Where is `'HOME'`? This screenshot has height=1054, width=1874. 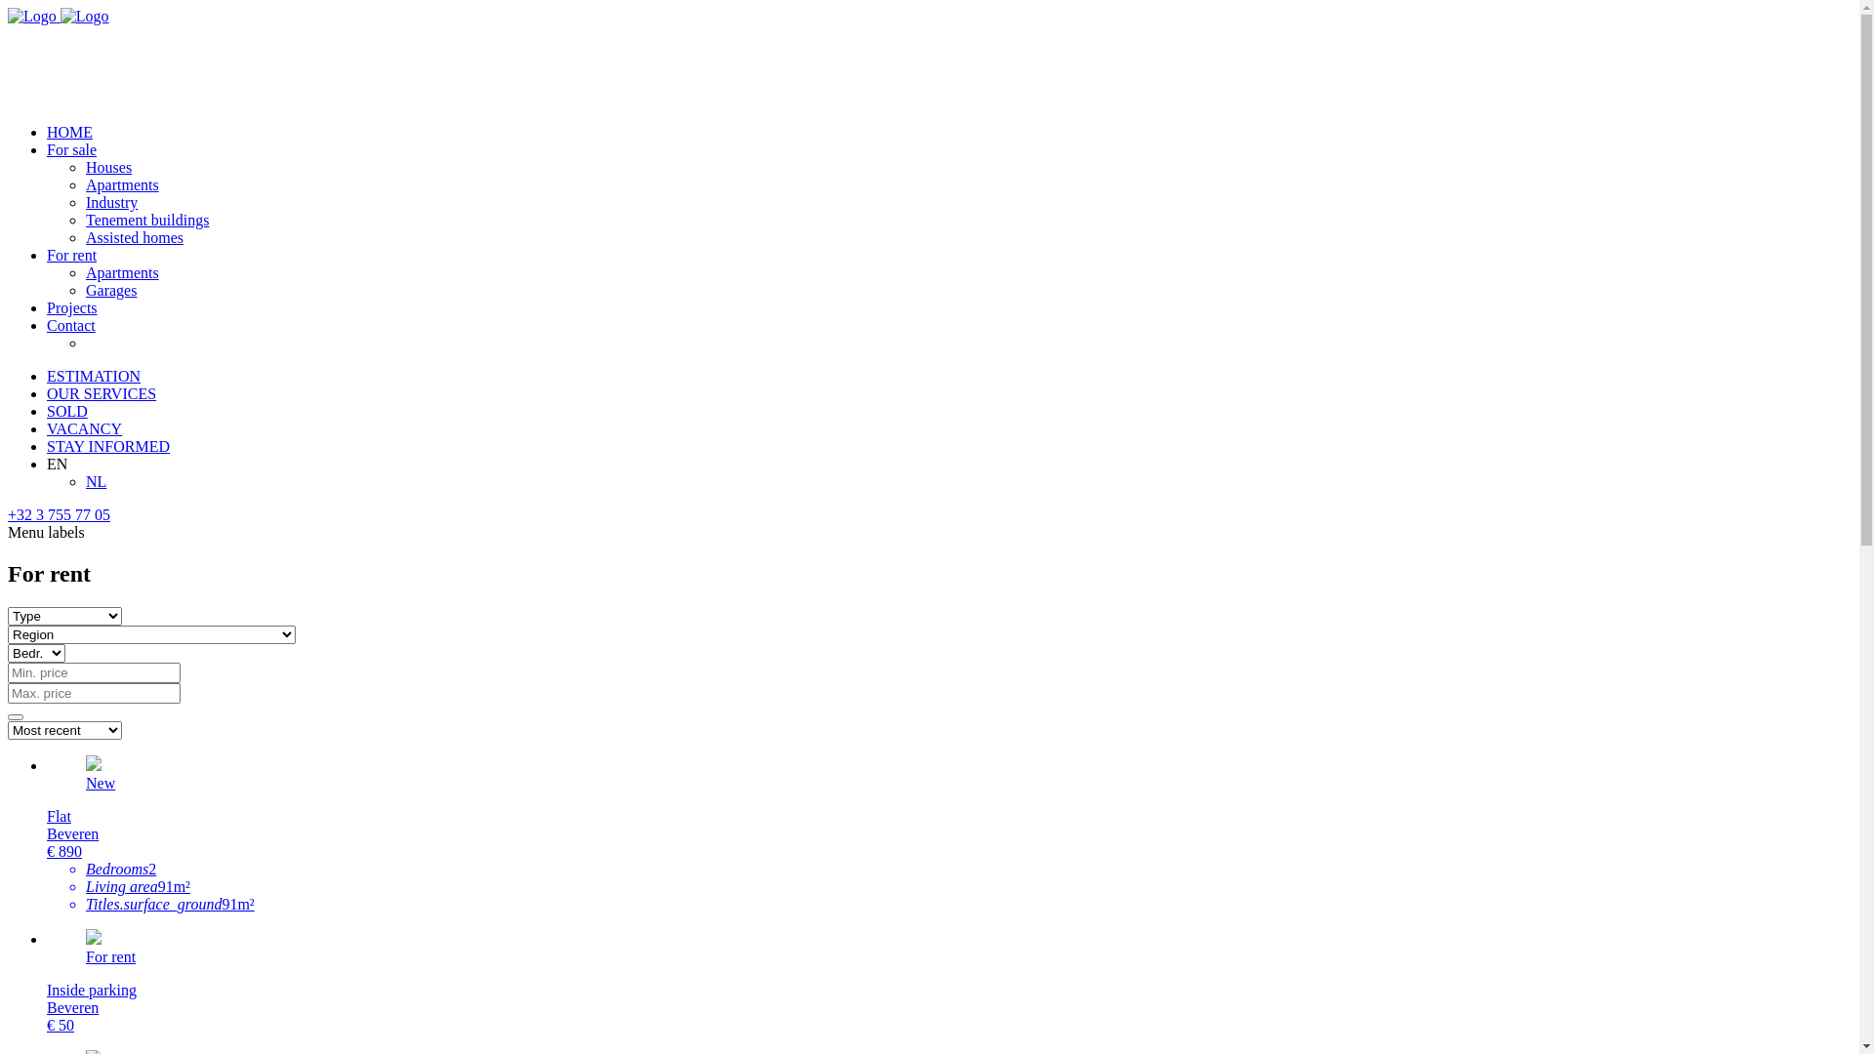 'HOME' is located at coordinates (47, 132).